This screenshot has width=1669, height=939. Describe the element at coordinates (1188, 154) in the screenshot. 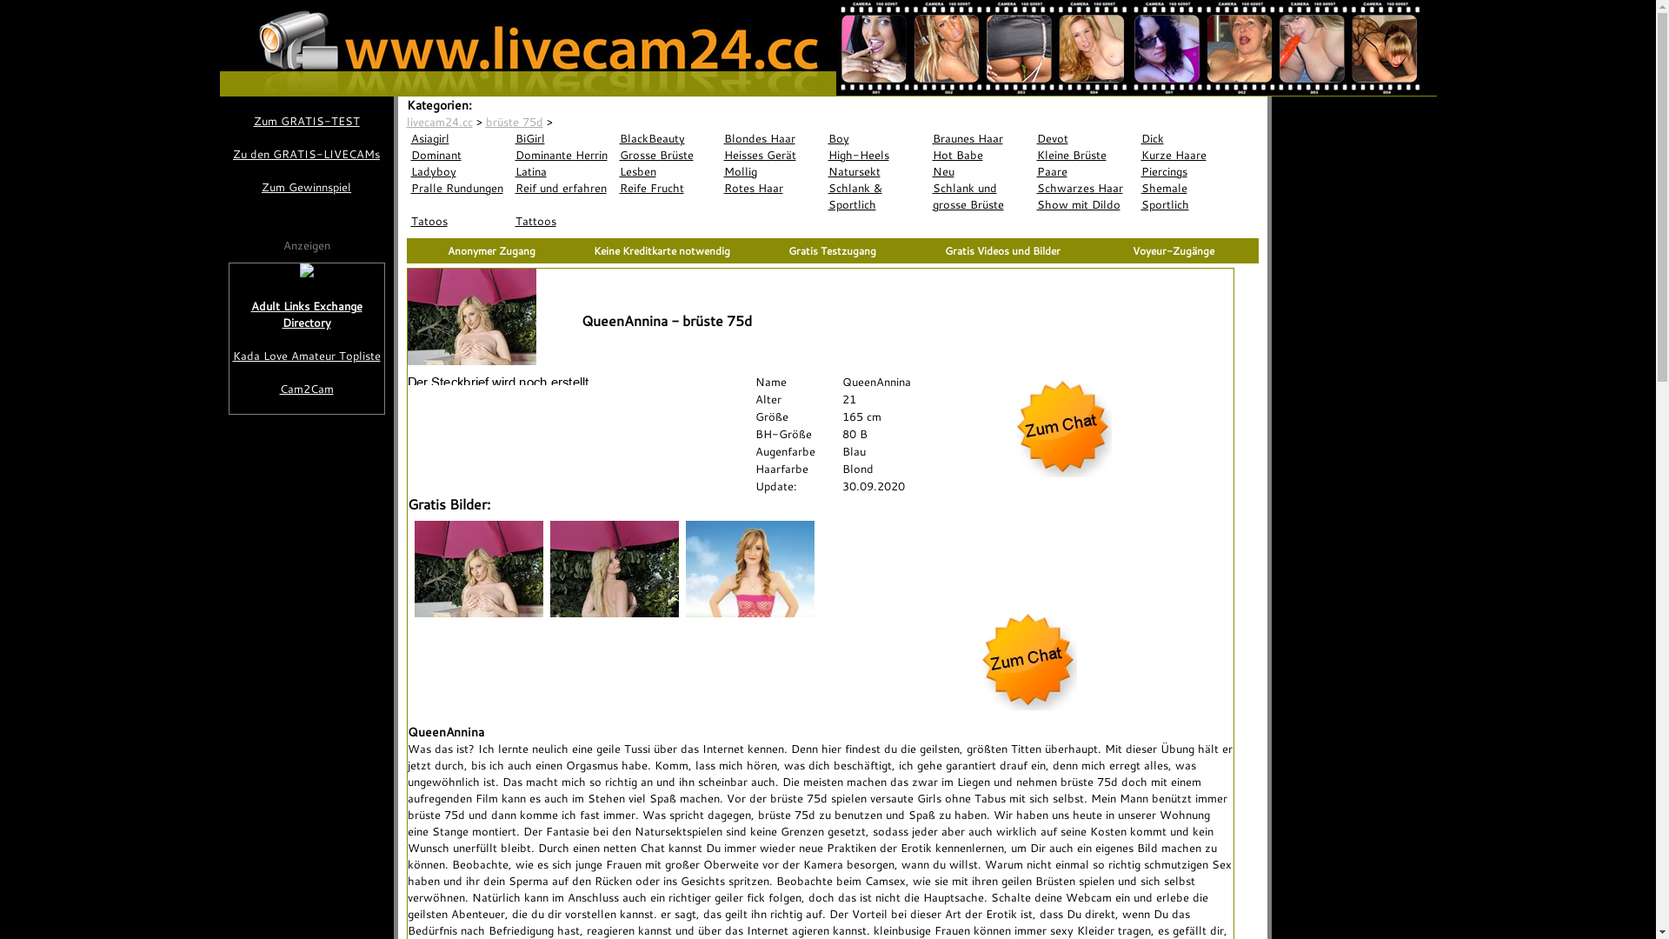

I see `'Kurze Haare'` at that location.